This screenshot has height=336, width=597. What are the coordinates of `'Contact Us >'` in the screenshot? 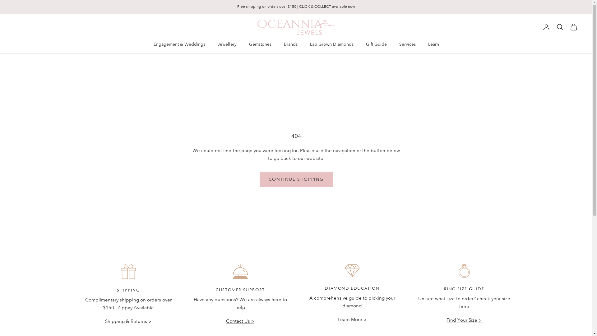 It's located at (240, 321).